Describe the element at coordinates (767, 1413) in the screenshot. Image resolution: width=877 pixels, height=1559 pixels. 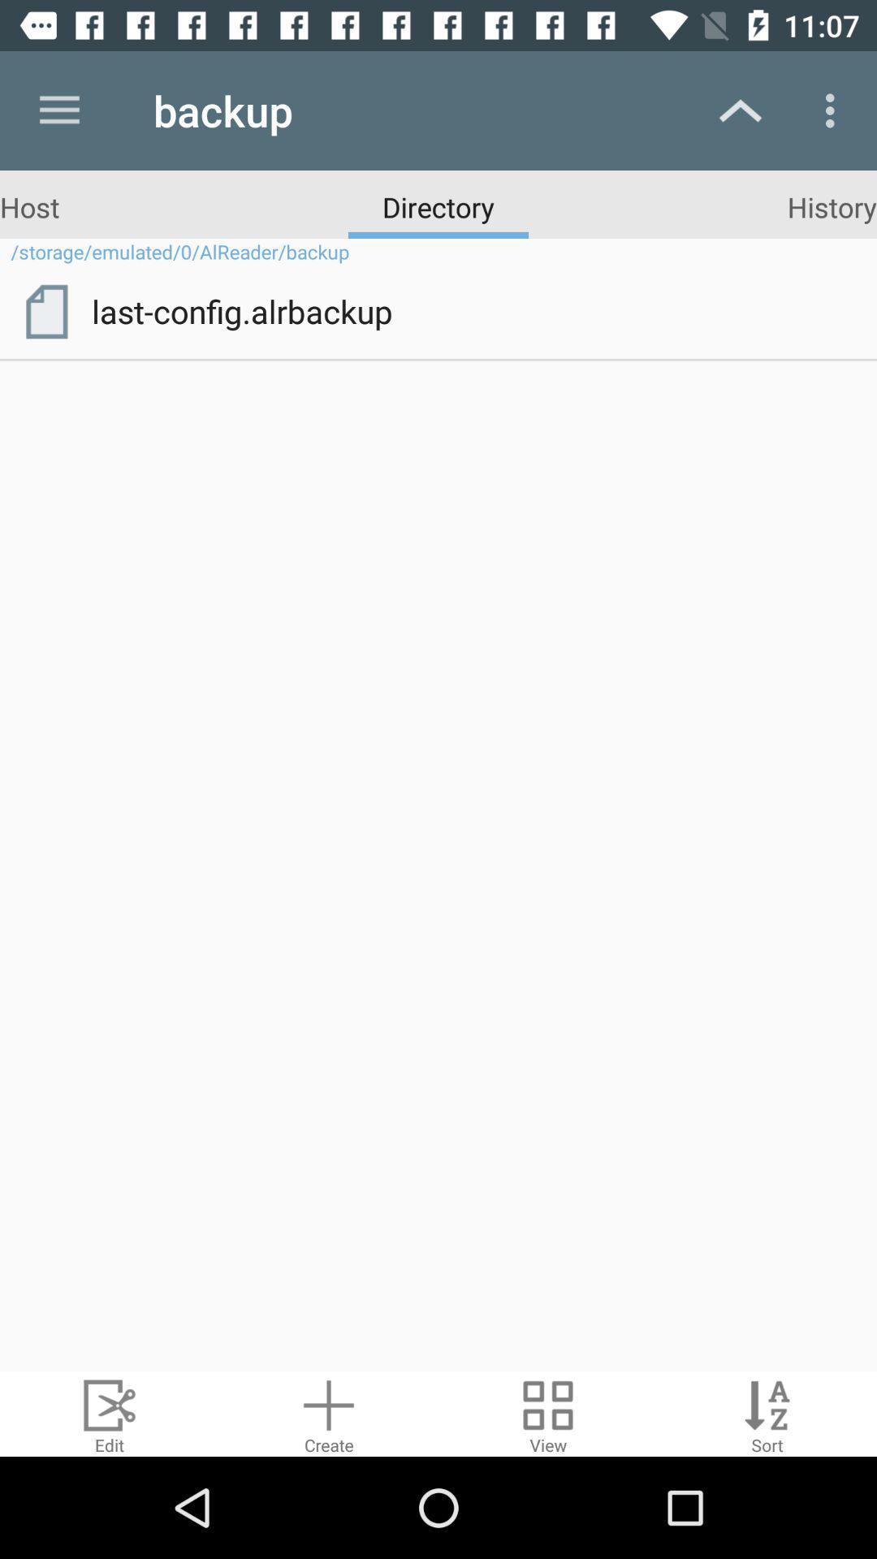
I see `sort alphabetically` at that location.